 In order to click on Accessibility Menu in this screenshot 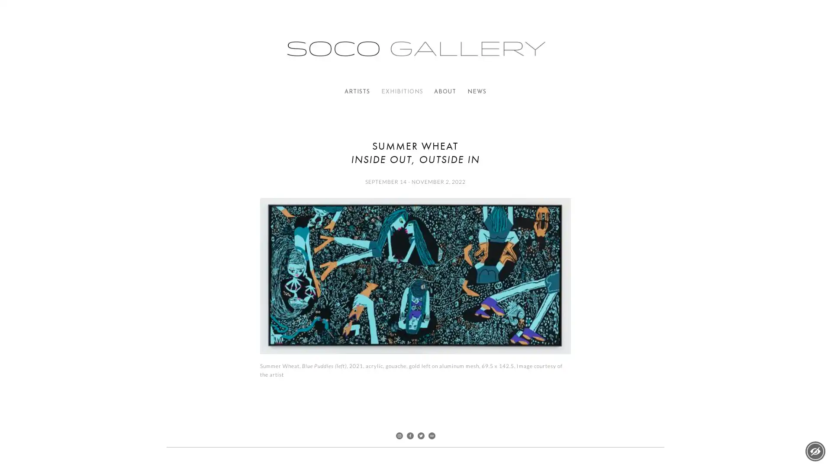, I will do `click(815, 451)`.